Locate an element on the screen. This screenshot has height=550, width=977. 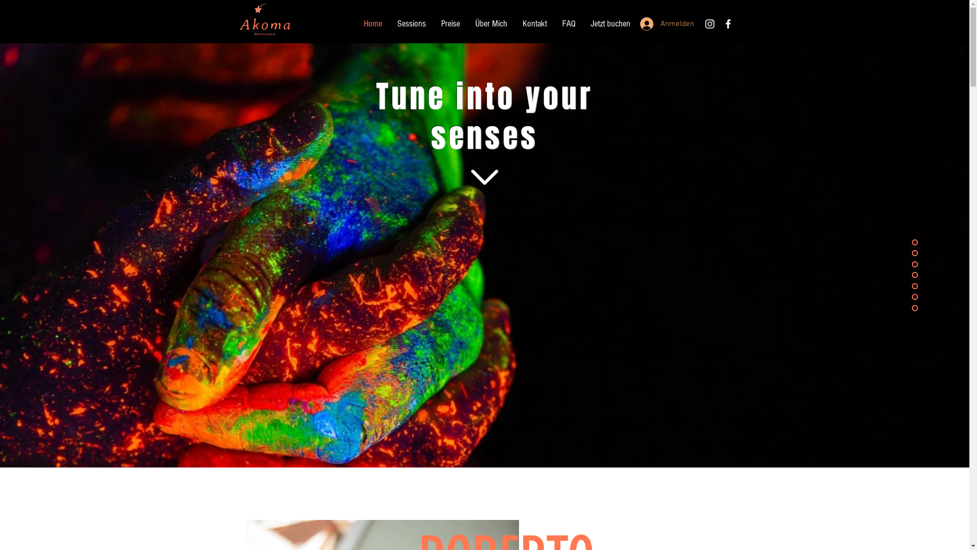
'Preise' is located at coordinates (450, 23).